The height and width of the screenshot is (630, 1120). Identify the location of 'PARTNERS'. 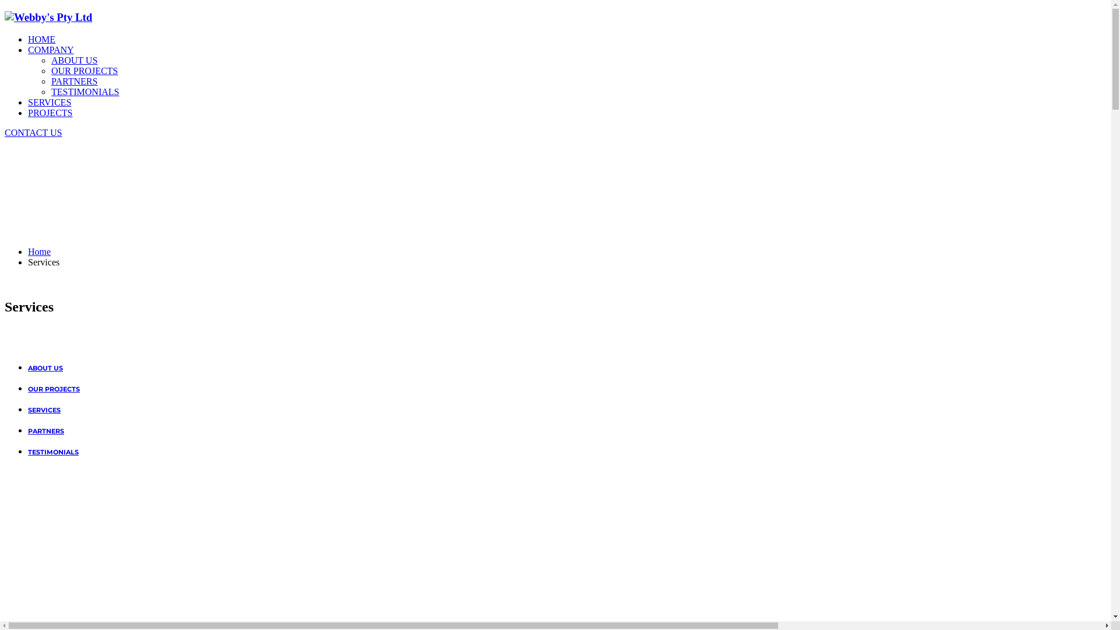
(45, 431).